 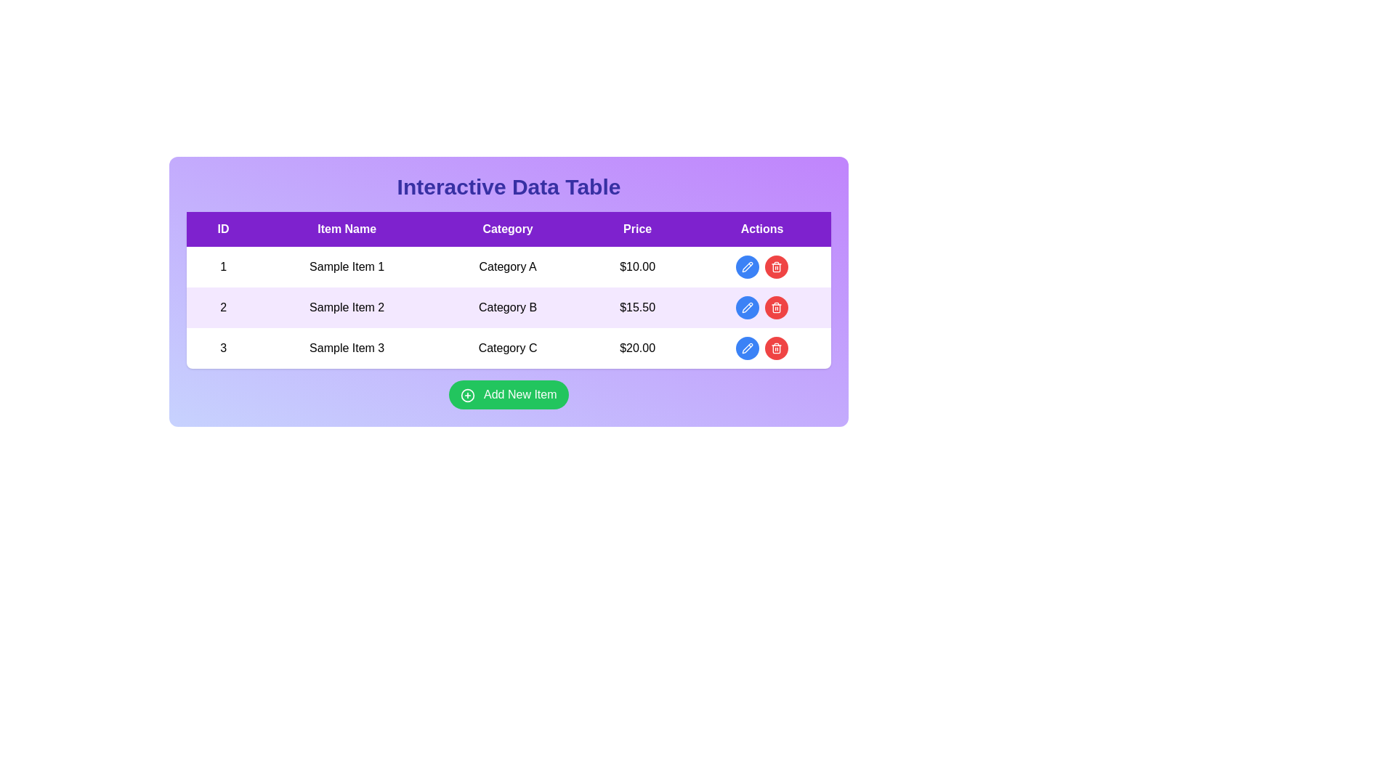 What do you see at coordinates (222, 307) in the screenshot?
I see `the ID number in the first column of the second row of the table corresponding to 'Sample Item 2'` at bounding box center [222, 307].